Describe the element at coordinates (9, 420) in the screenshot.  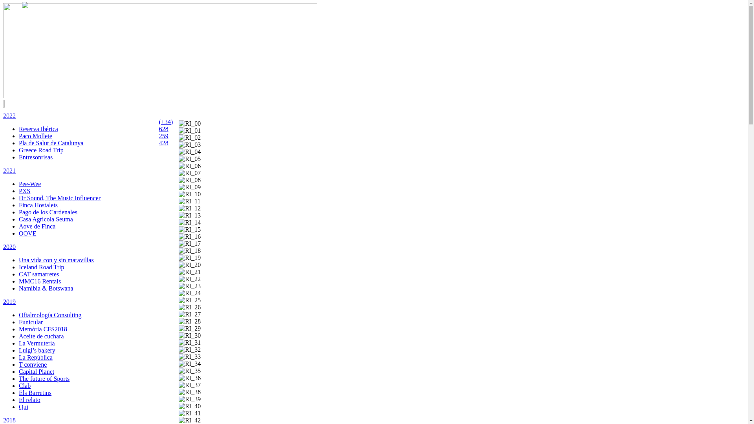
I see `'2018'` at that location.